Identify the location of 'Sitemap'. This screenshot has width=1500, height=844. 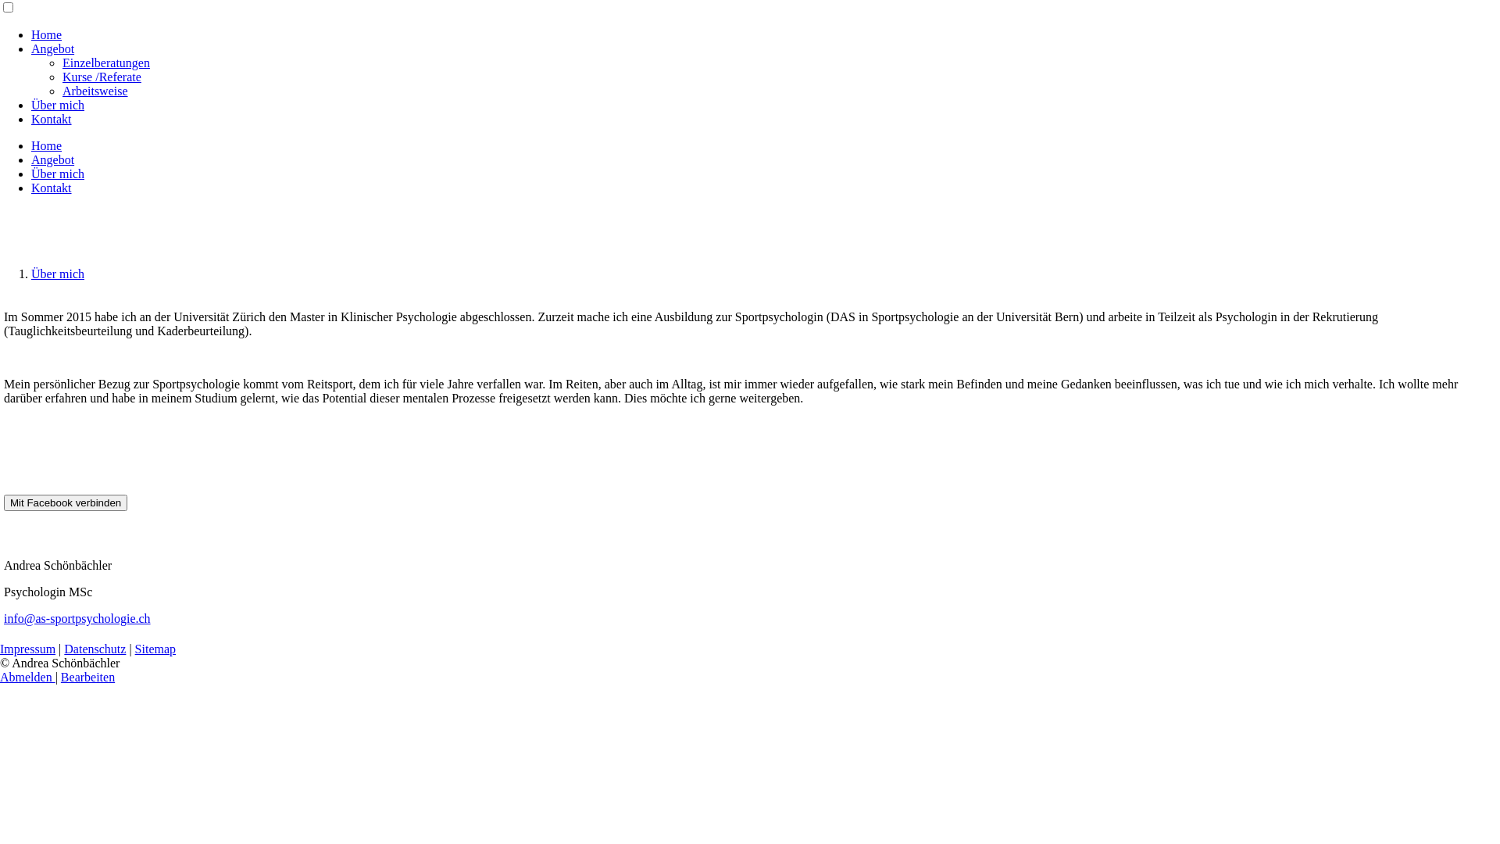
(155, 649).